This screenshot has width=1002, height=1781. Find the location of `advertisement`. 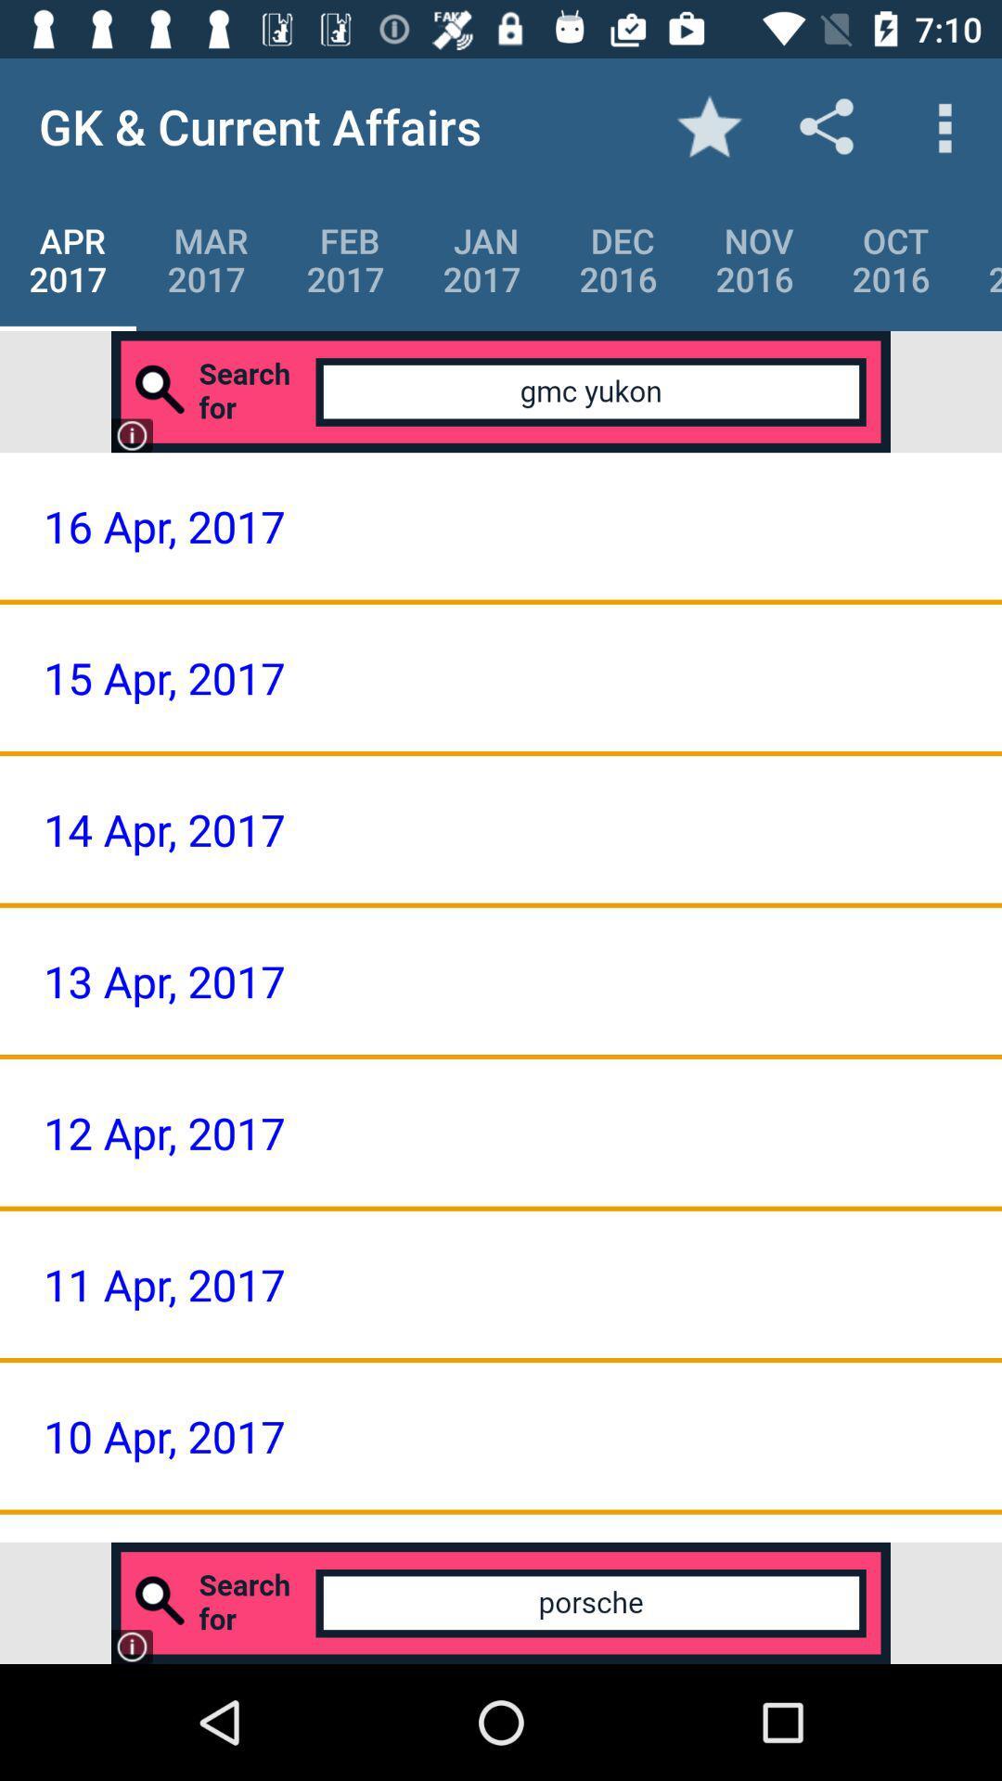

advertisement is located at coordinates (501, 1602).